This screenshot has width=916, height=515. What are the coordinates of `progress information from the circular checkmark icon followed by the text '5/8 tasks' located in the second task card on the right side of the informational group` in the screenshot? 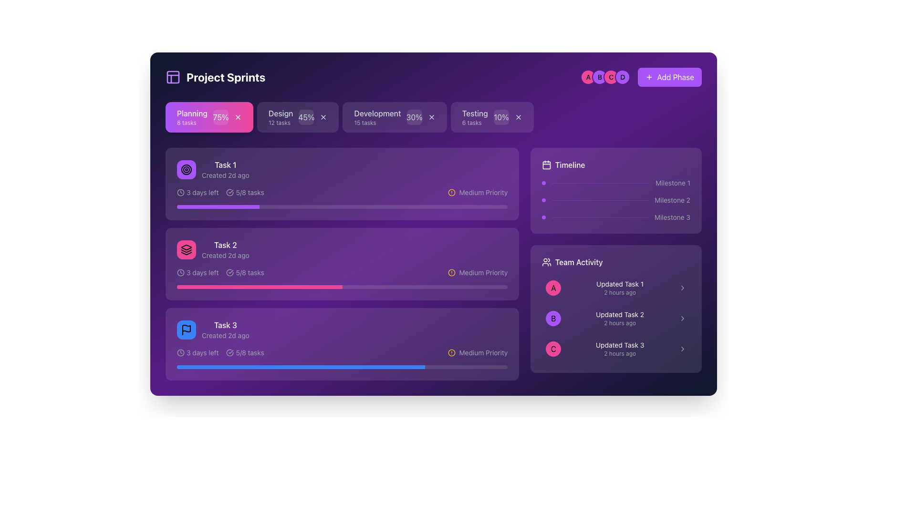 It's located at (245, 272).